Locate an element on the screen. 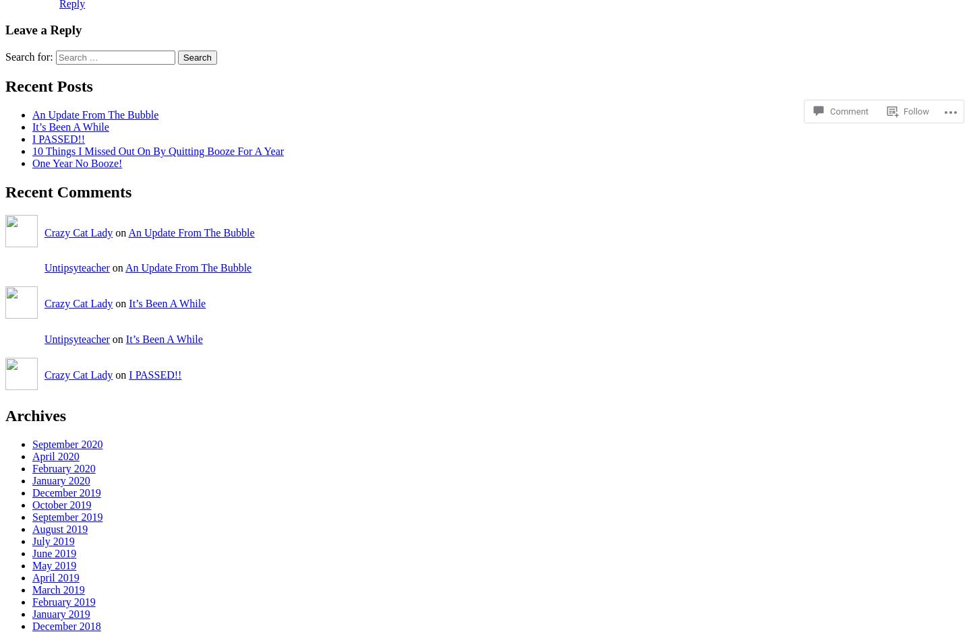 Image resolution: width=971 pixels, height=634 pixels. 'Leave a Reply' is located at coordinates (43, 29).